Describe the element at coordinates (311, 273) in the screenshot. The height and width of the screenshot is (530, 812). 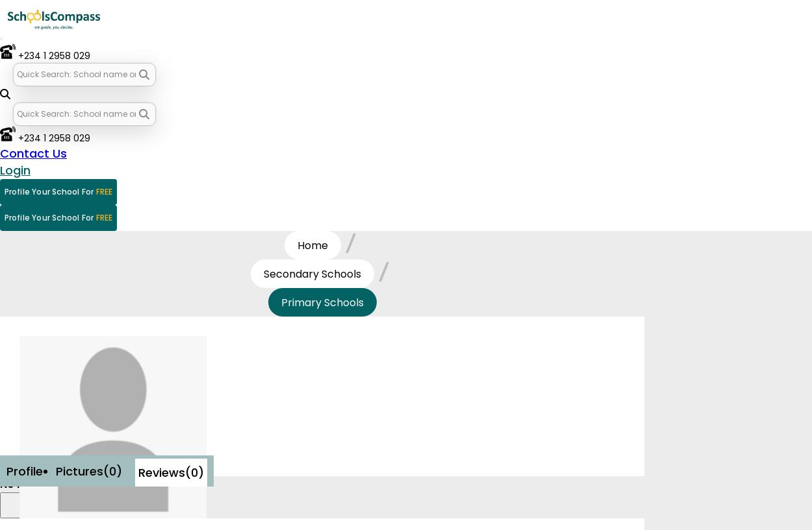
I see `'Secondary Schools'` at that location.